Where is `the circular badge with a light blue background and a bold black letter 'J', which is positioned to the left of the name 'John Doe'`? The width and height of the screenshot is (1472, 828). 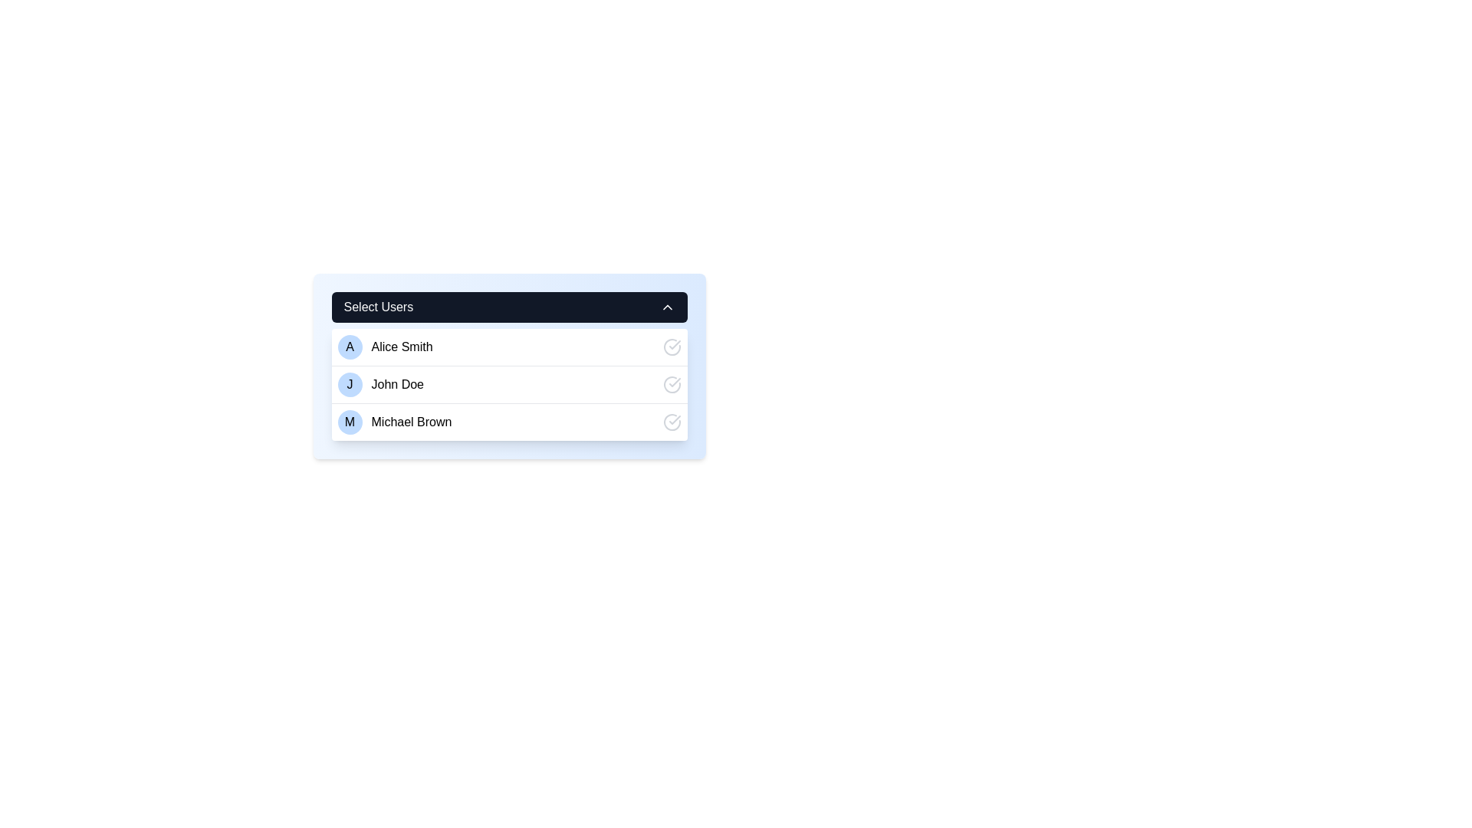
the circular badge with a light blue background and a bold black letter 'J', which is positioned to the left of the name 'John Doe' is located at coordinates (349, 383).